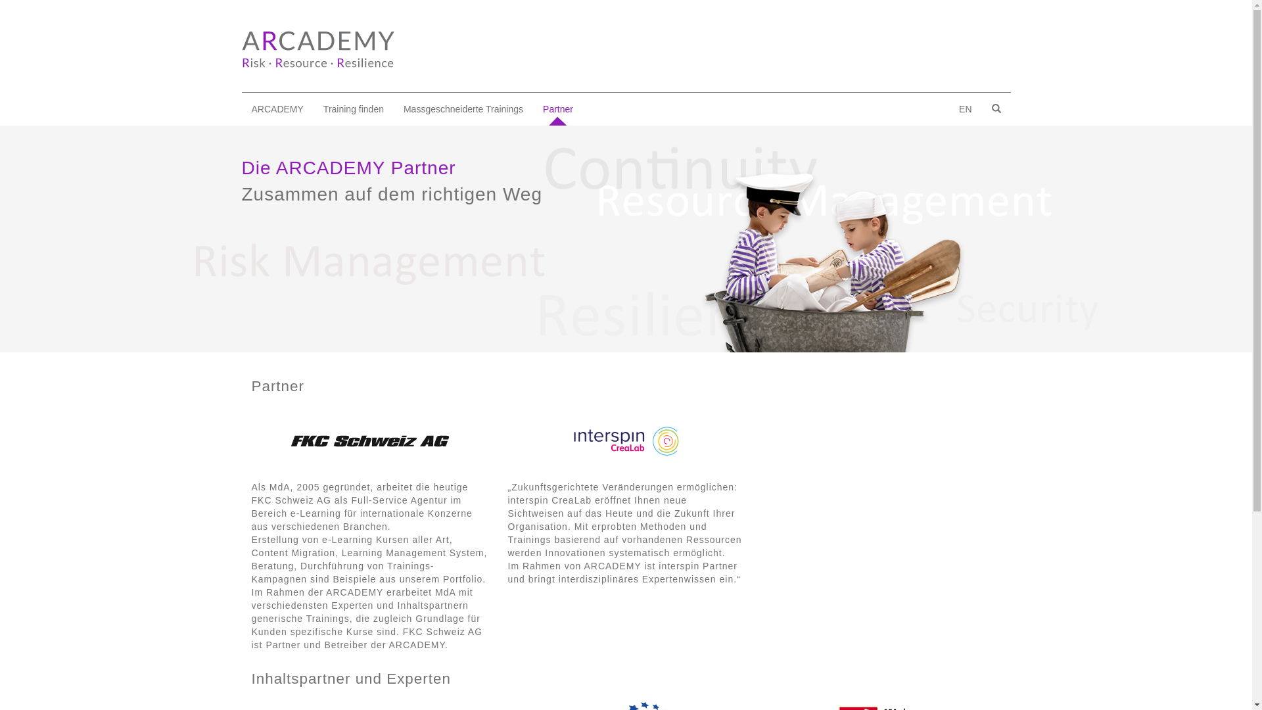  What do you see at coordinates (533, 108) in the screenshot?
I see `'Partner'` at bounding box center [533, 108].